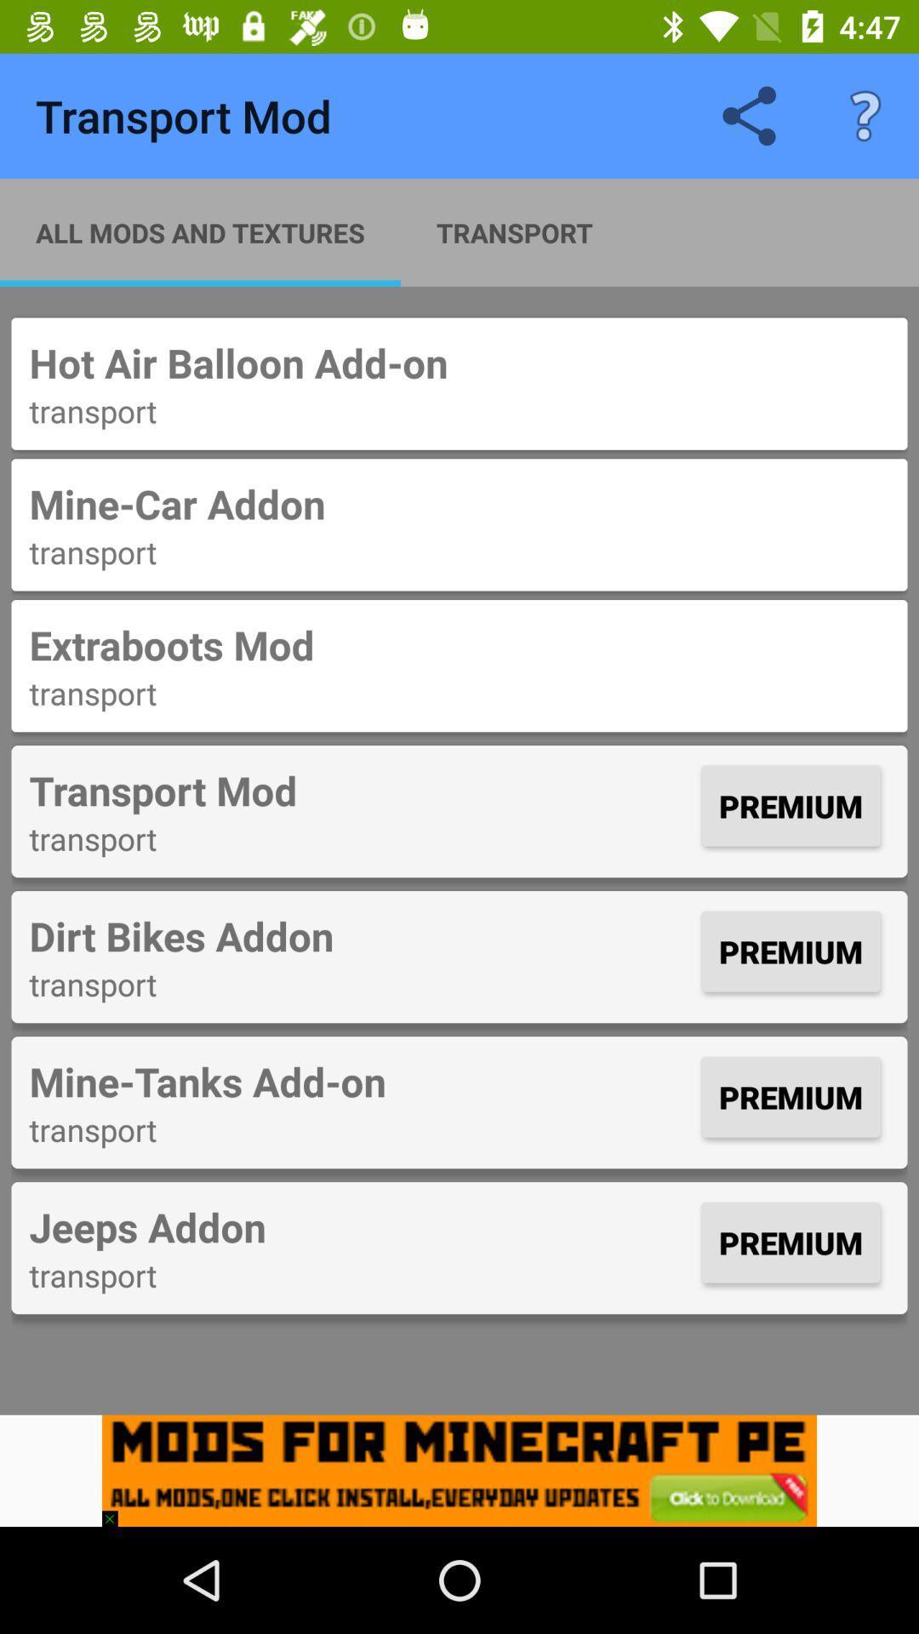 This screenshot has width=919, height=1634. I want to click on icon above the transport item, so click(360, 1226).